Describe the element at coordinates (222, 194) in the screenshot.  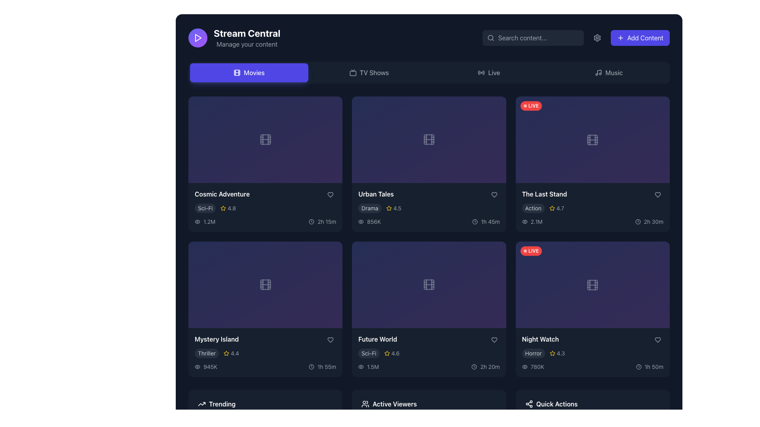
I see `text label that serves as the title for the movie entry located in the first item of the grid in the 'Movies' section, positioned just below the respective thumbnail` at that location.